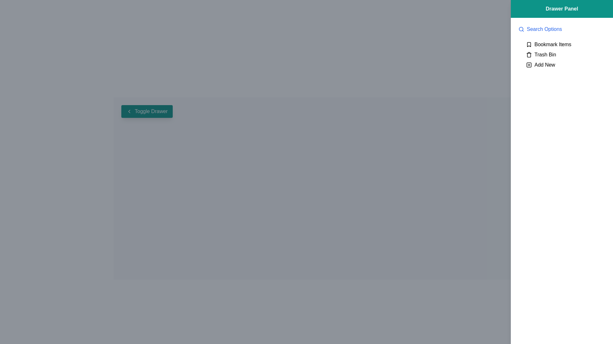  What do you see at coordinates (521, 29) in the screenshot?
I see `the magnifying glass icon located adjacent to the 'Search Options' text in the right-hand panel of the interface` at bounding box center [521, 29].